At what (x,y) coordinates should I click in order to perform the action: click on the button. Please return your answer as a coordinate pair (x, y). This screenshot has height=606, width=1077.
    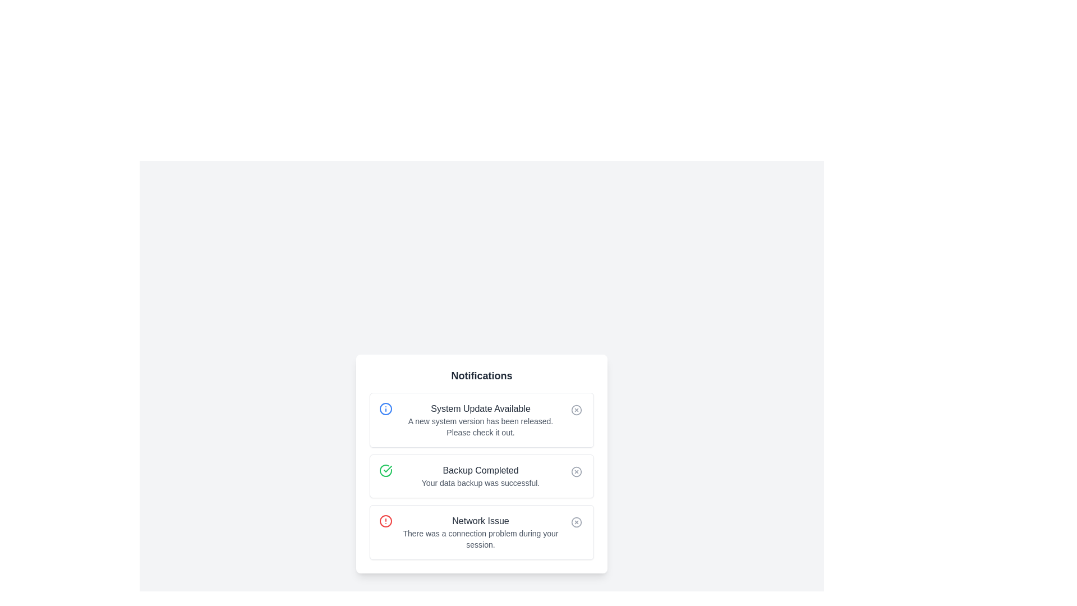
    Looking at the image, I should click on (576, 410).